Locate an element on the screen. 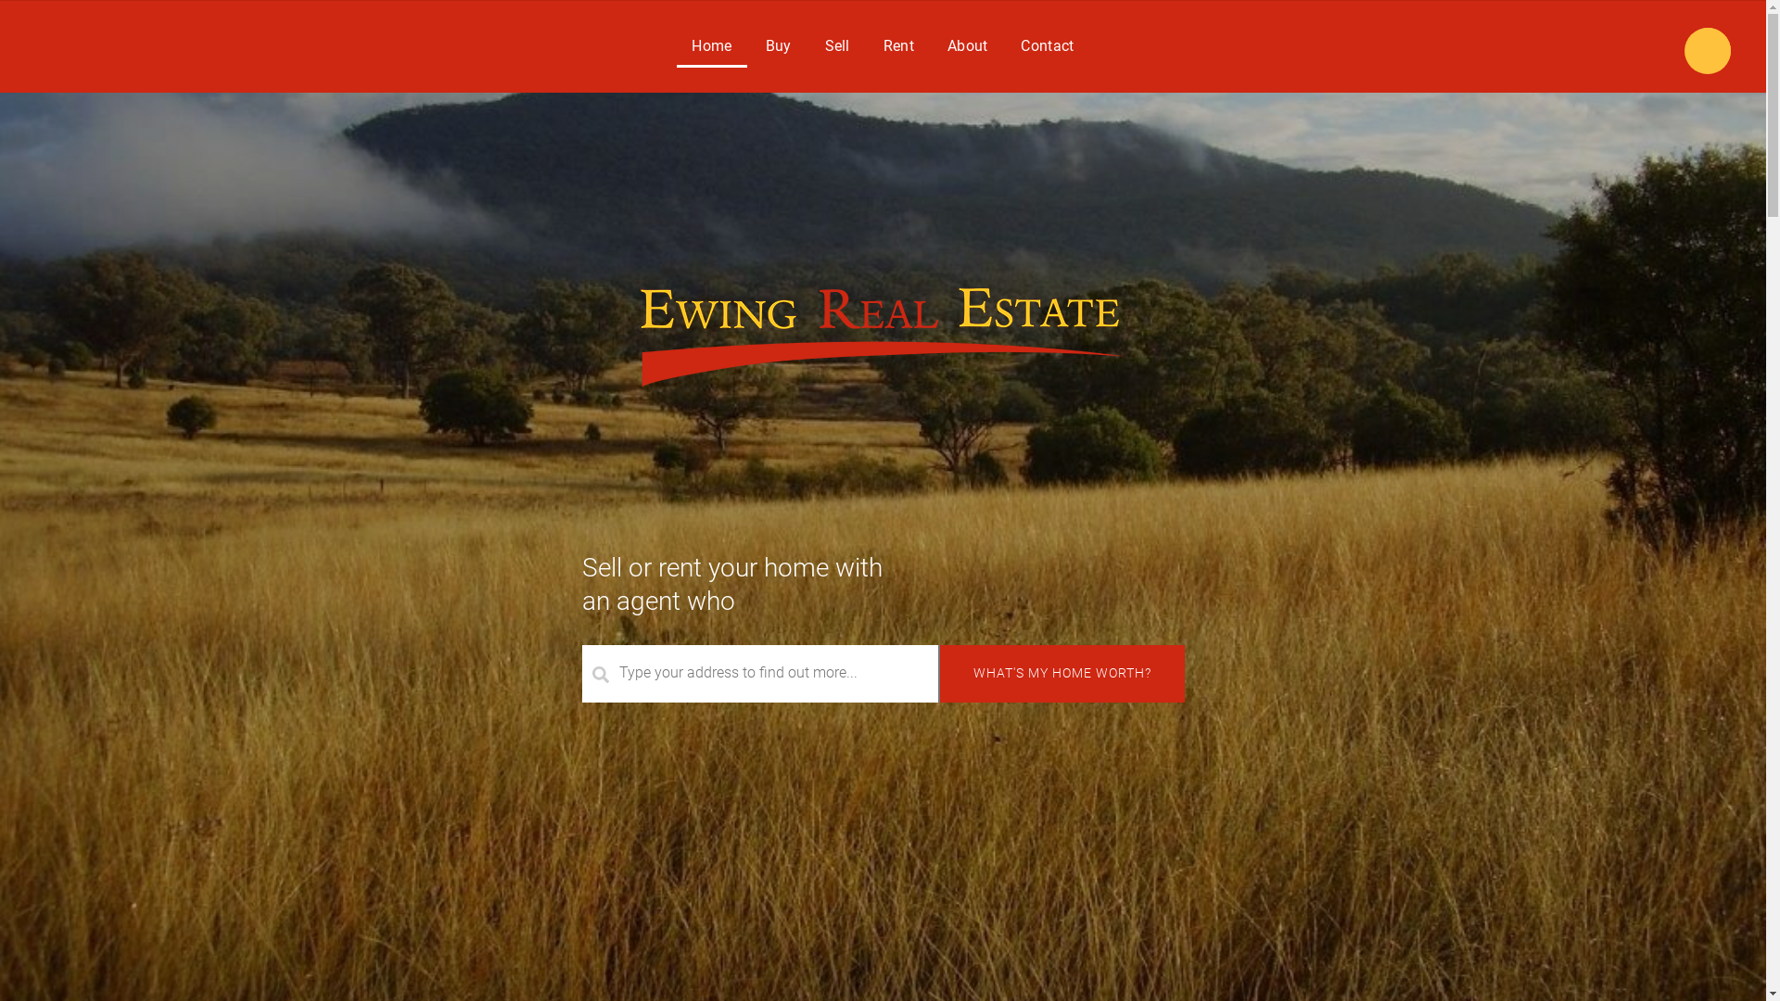 The width and height of the screenshot is (1780, 1001). 'Home' is located at coordinates (710, 45).